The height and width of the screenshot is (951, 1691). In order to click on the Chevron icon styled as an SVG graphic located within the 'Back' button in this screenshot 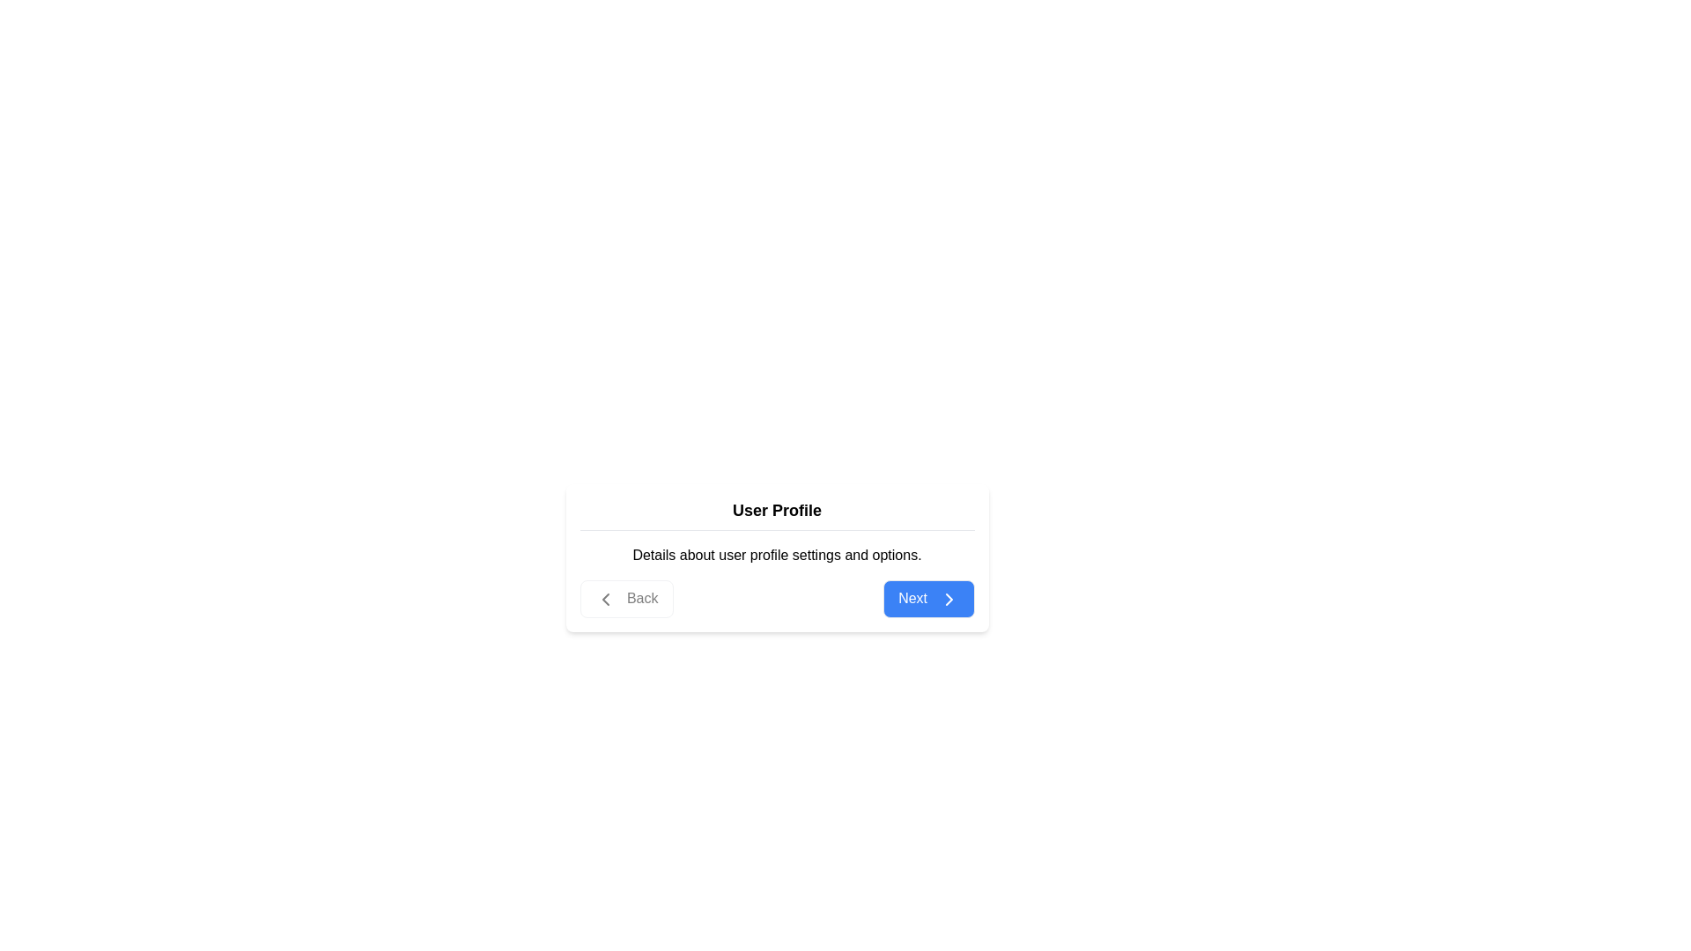, I will do `click(605, 598)`.